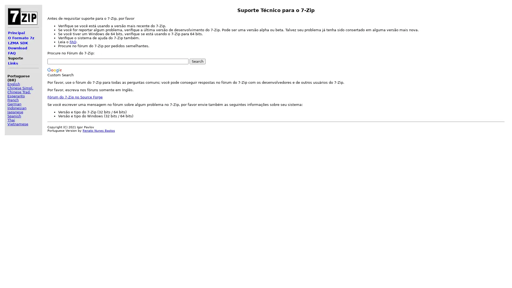 This screenshot has width=512, height=288. Describe the element at coordinates (197, 61) in the screenshot. I see `Search` at that location.